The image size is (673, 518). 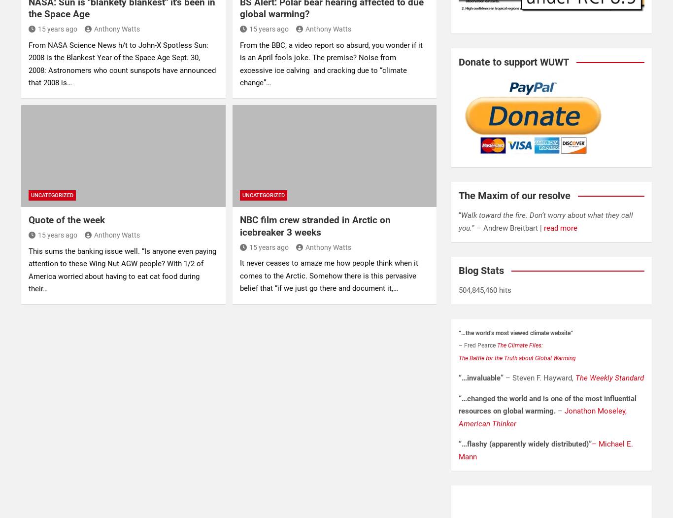 I want to click on 'From NASA Science News h/t to John-X Spotless Sun: 2008 is the Blankest Year of the Space Age Sept. 30, 2008: Astronomers who count sunspots have announced that 2008 is…', so click(x=122, y=63).